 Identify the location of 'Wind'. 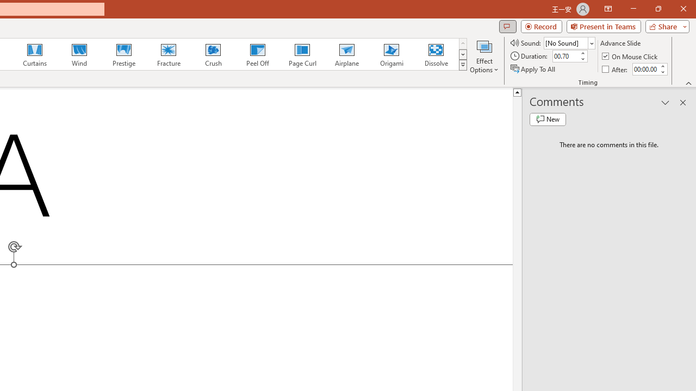
(78, 54).